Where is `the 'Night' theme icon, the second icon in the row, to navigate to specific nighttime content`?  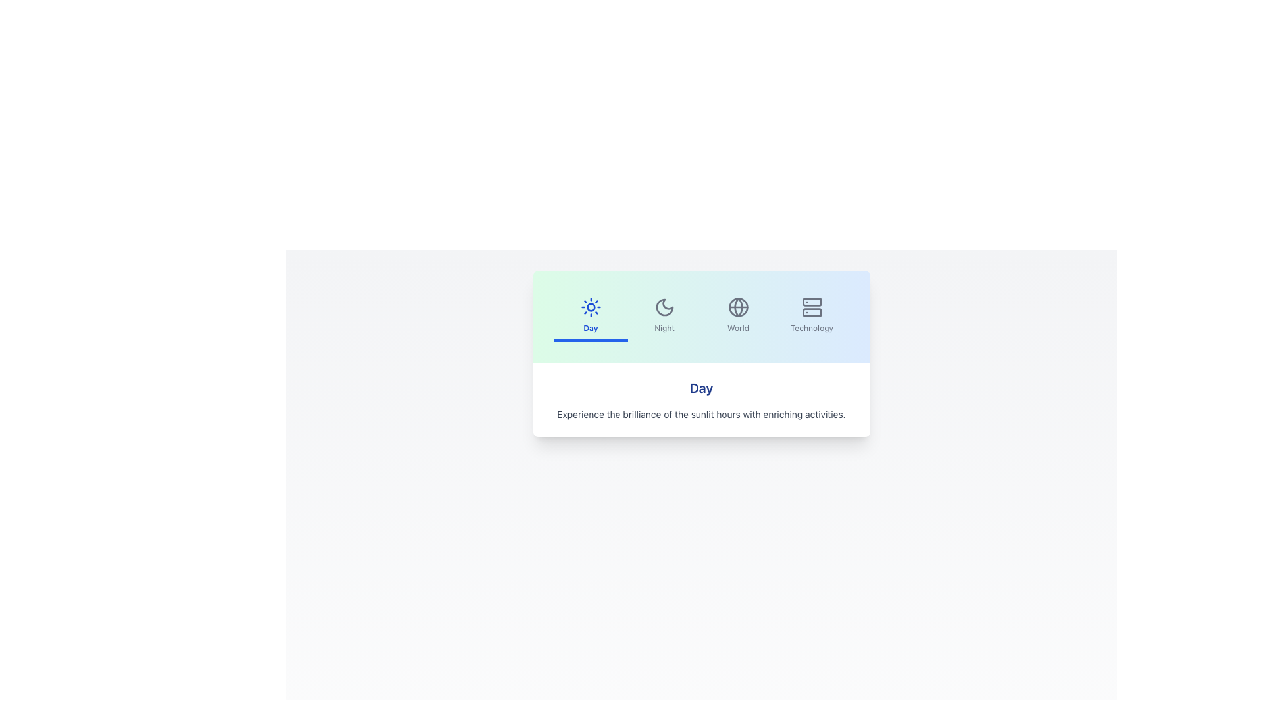
the 'Night' theme icon, the second icon in the row, to navigate to specific nighttime content is located at coordinates (664, 307).